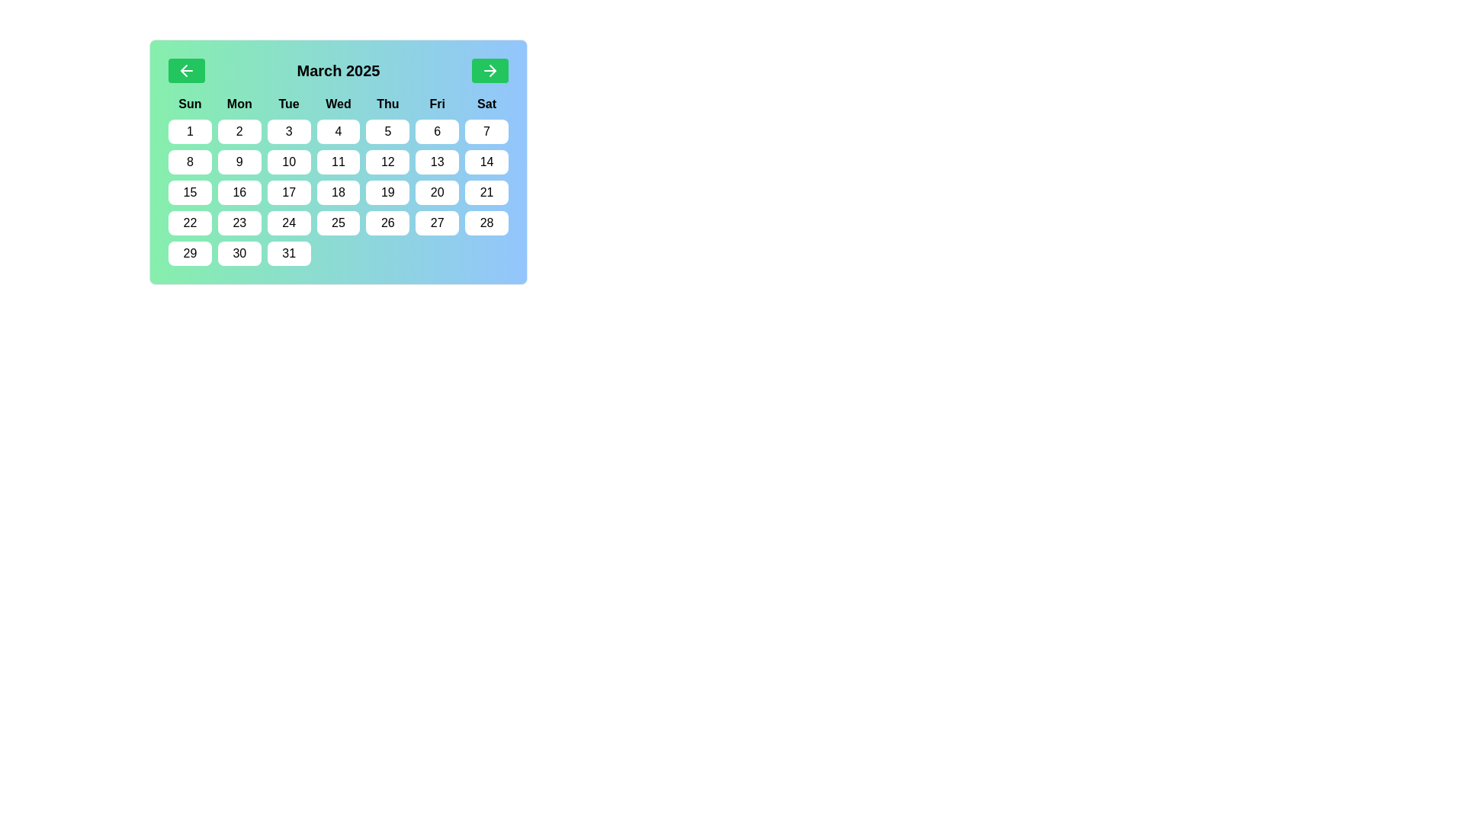 This screenshot has height=823, width=1464. Describe the element at coordinates (436, 162) in the screenshot. I see `the rectangular white button with rounded corners displaying the text '13' in black, located in the third row and sixth column of the calendar grid` at that location.